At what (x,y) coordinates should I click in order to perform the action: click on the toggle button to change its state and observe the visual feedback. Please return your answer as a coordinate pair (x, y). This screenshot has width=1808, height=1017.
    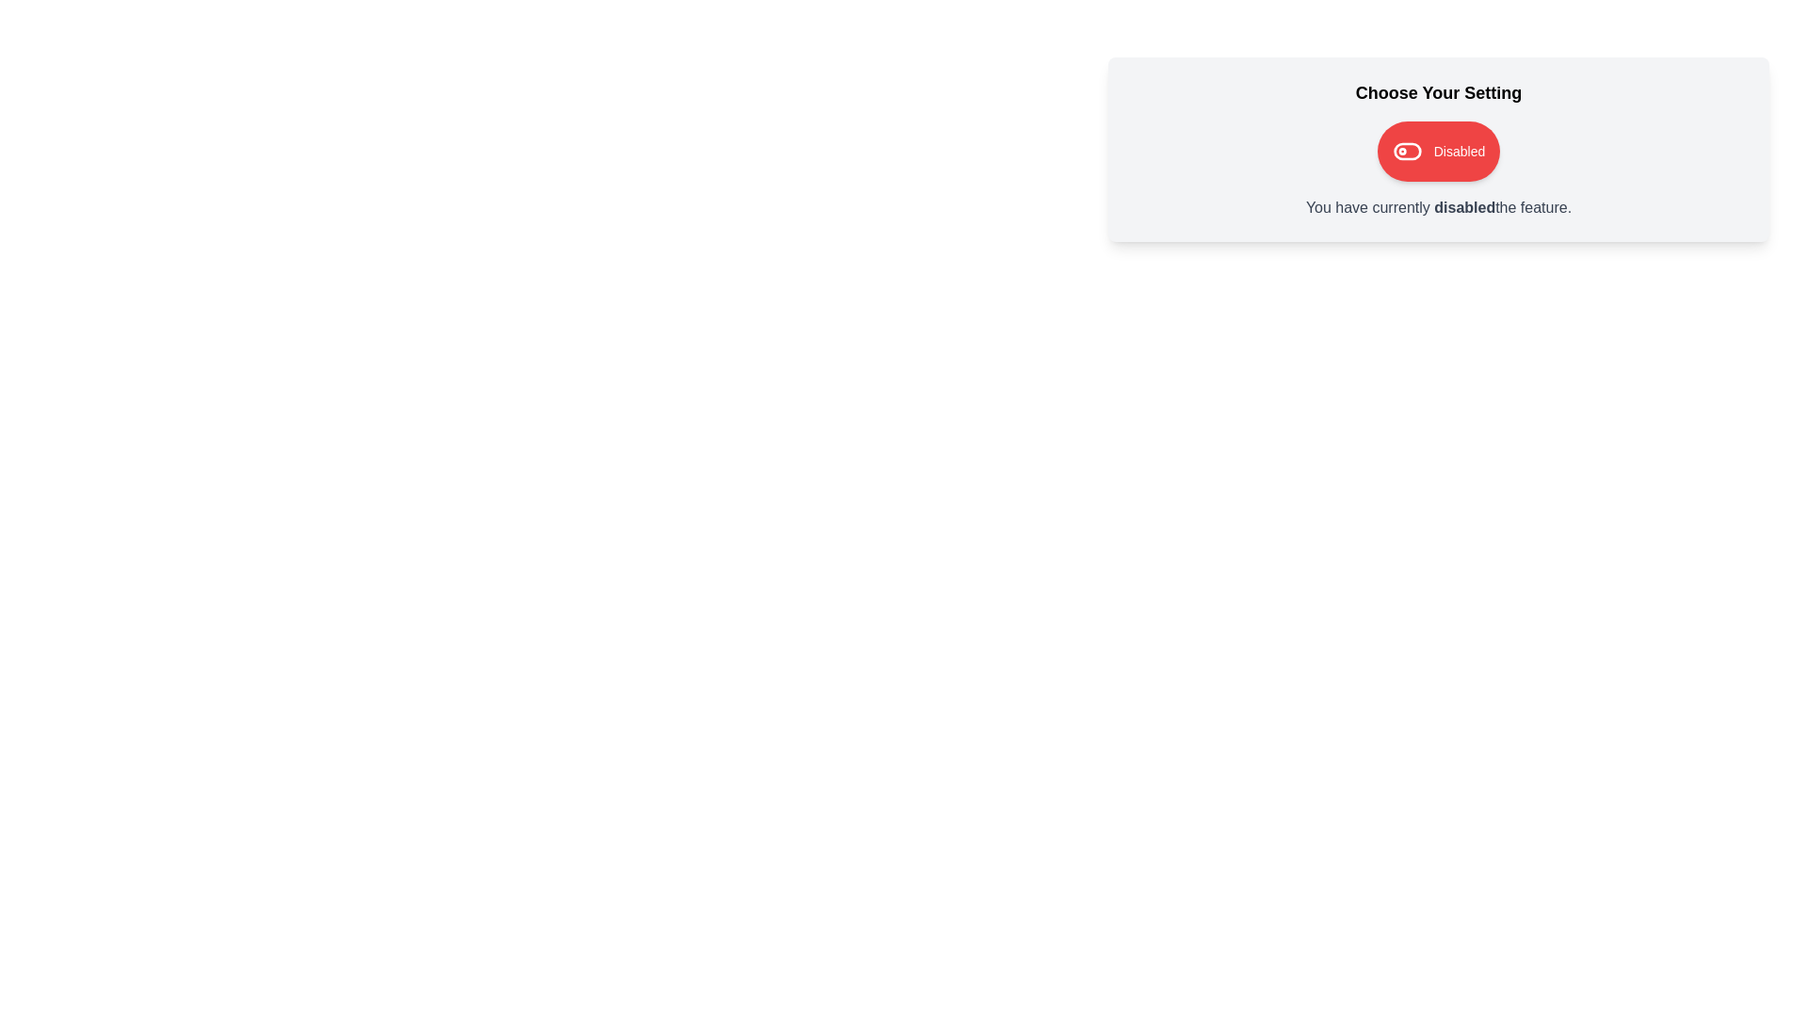
    Looking at the image, I should click on (1437, 151).